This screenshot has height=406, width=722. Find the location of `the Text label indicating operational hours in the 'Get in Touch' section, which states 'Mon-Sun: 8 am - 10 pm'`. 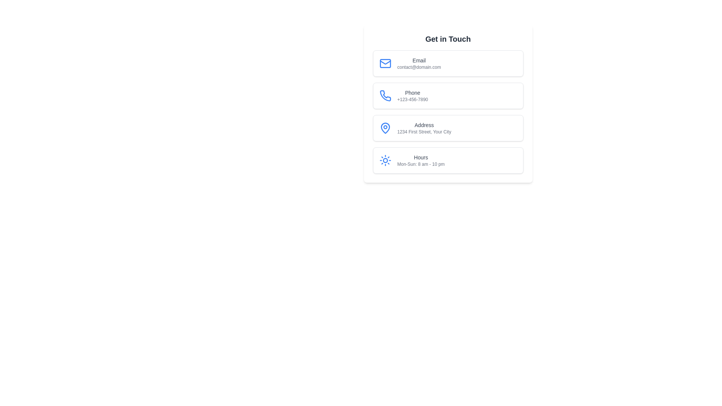

the Text label indicating operational hours in the 'Get in Touch' section, which states 'Mon-Sun: 8 am - 10 pm' is located at coordinates (420, 157).